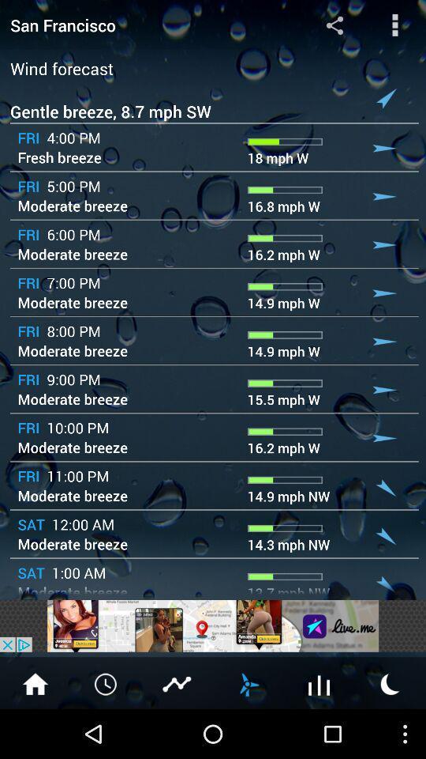 The image size is (426, 759). What do you see at coordinates (390, 682) in the screenshot?
I see `night mode` at bounding box center [390, 682].